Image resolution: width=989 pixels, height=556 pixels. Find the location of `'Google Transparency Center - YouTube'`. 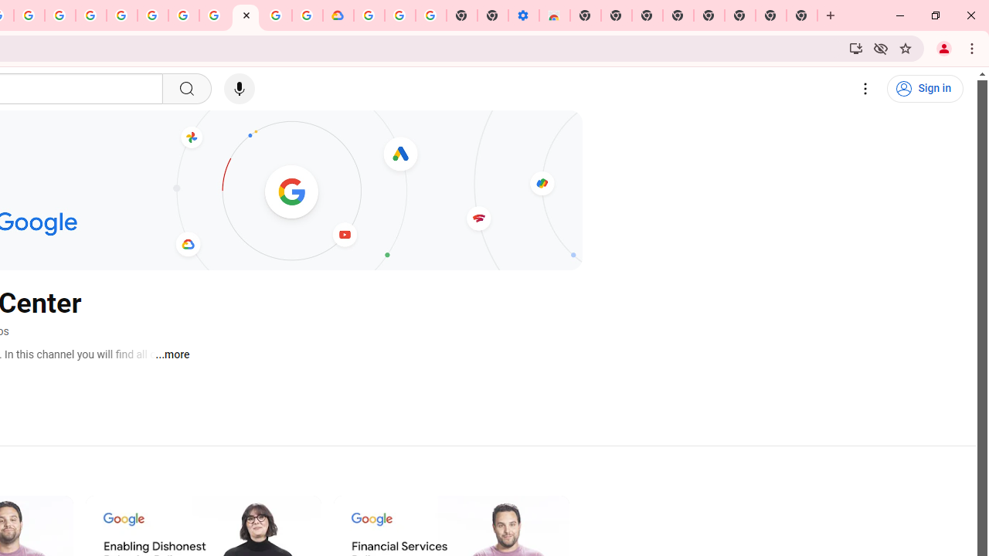

'Google Transparency Center - YouTube' is located at coordinates (245, 15).